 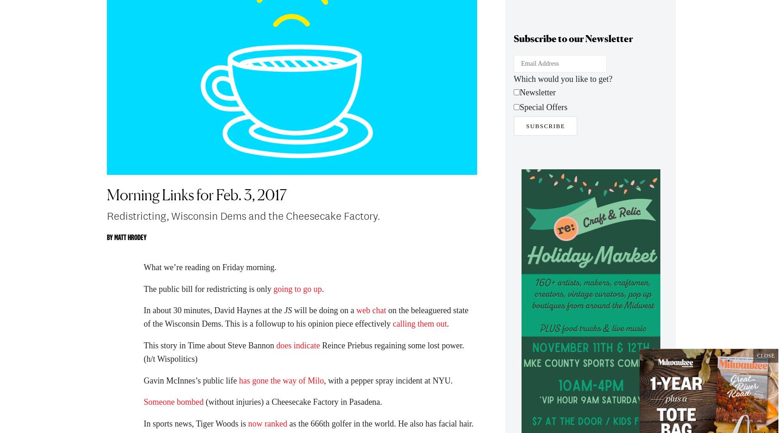 I want to click on 'What we’re reading on Friday morning.', so click(x=143, y=271).